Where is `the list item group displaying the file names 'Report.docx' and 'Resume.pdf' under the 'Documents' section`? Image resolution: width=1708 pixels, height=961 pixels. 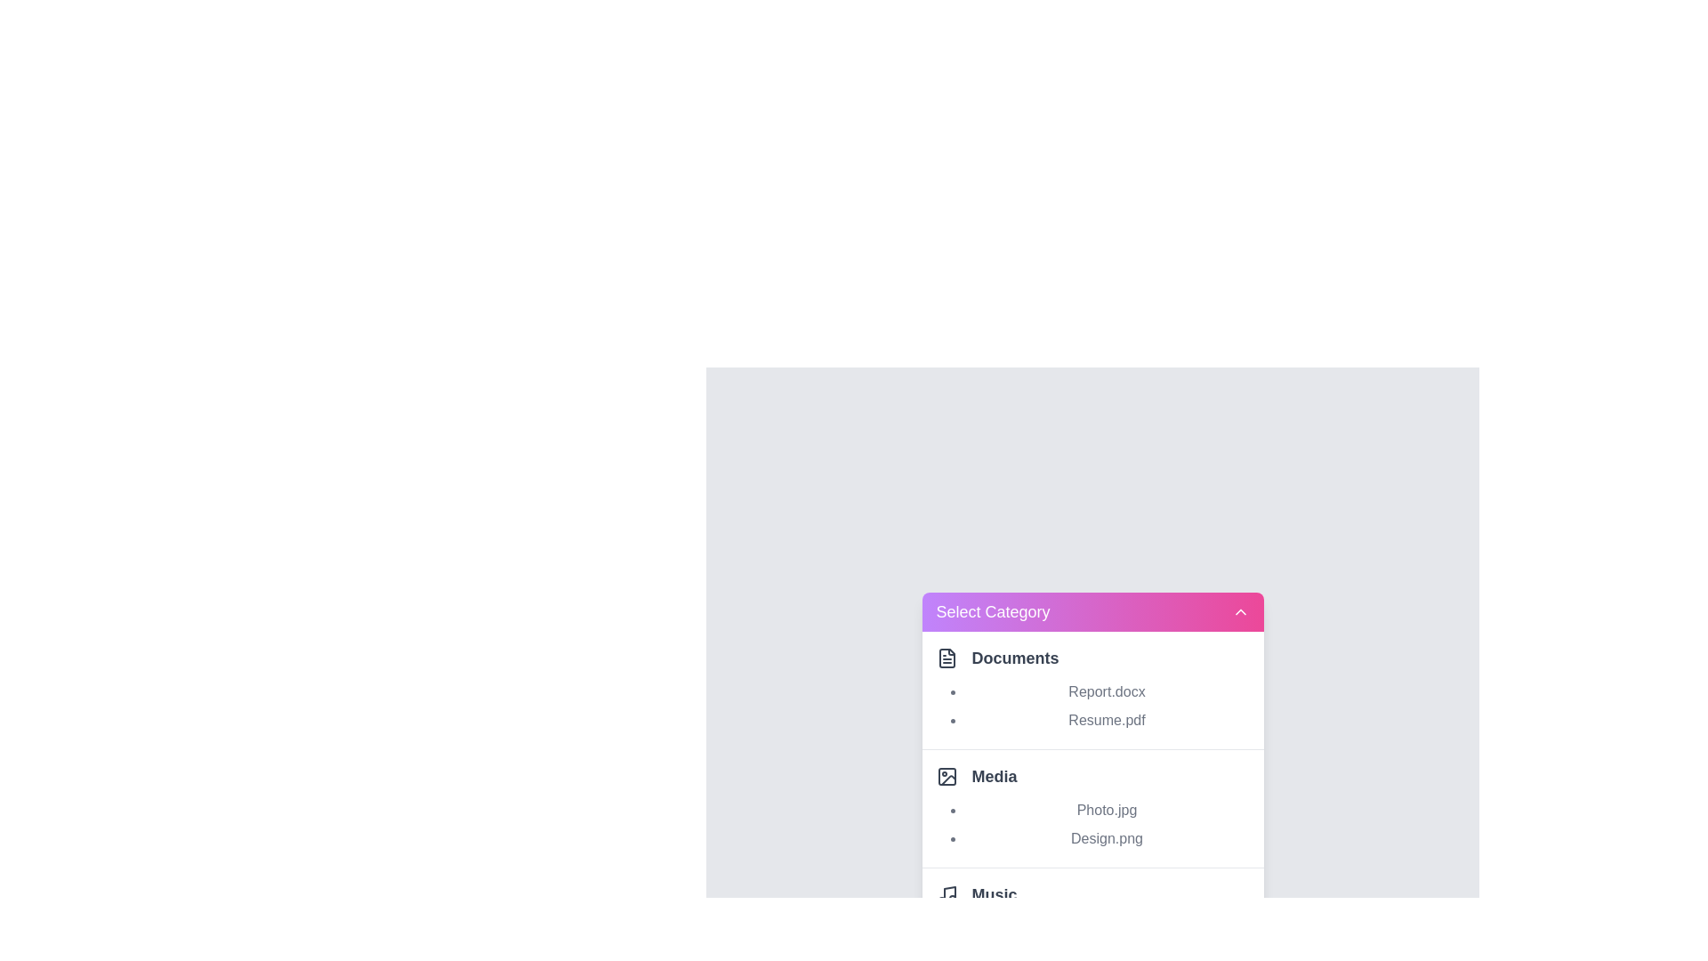
the list item group displaying the file names 'Report.docx' and 'Resume.pdf' under the 'Documents' section is located at coordinates (1106, 705).